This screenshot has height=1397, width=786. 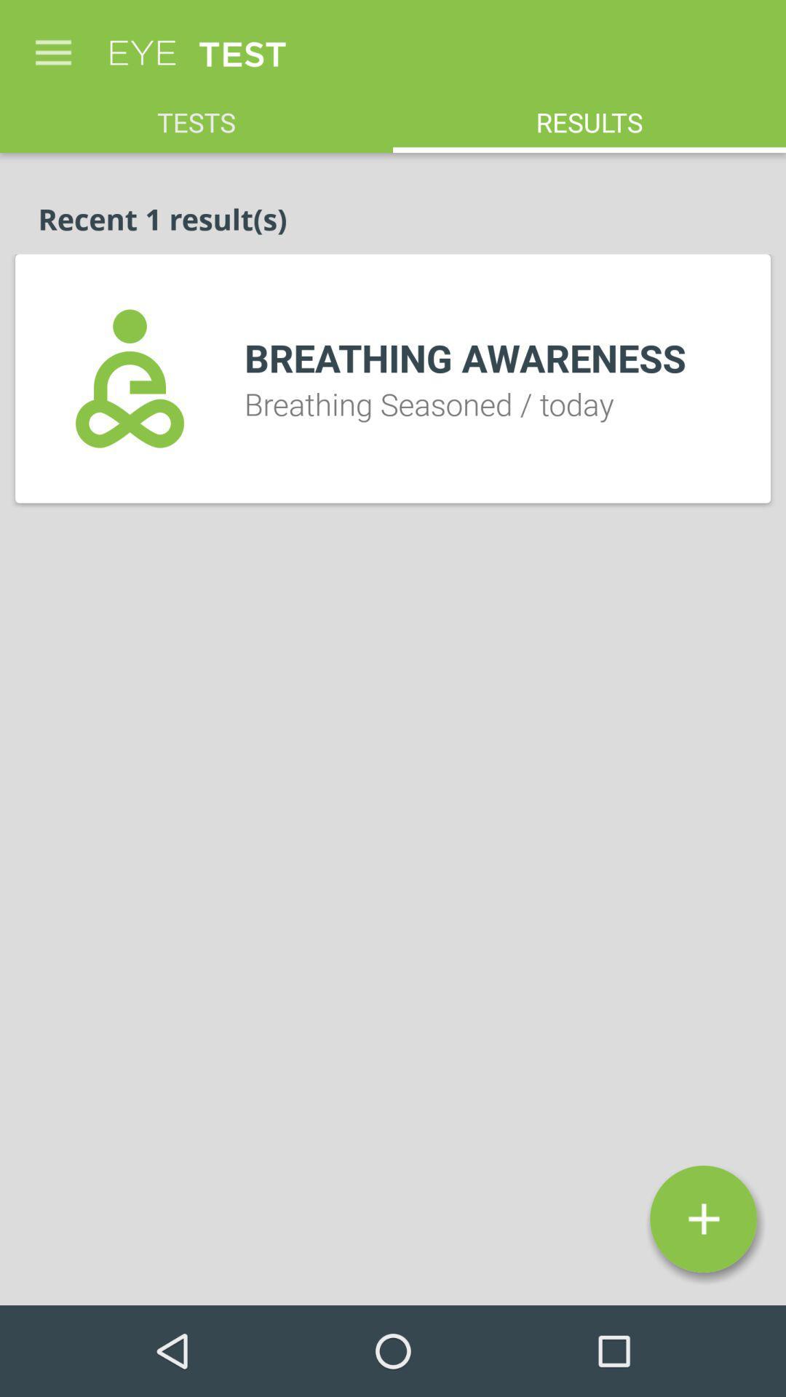 What do you see at coordinates (589, 114) in the screenshot?
I see `item above the breathing awareness` at bounding box center [589, 114].